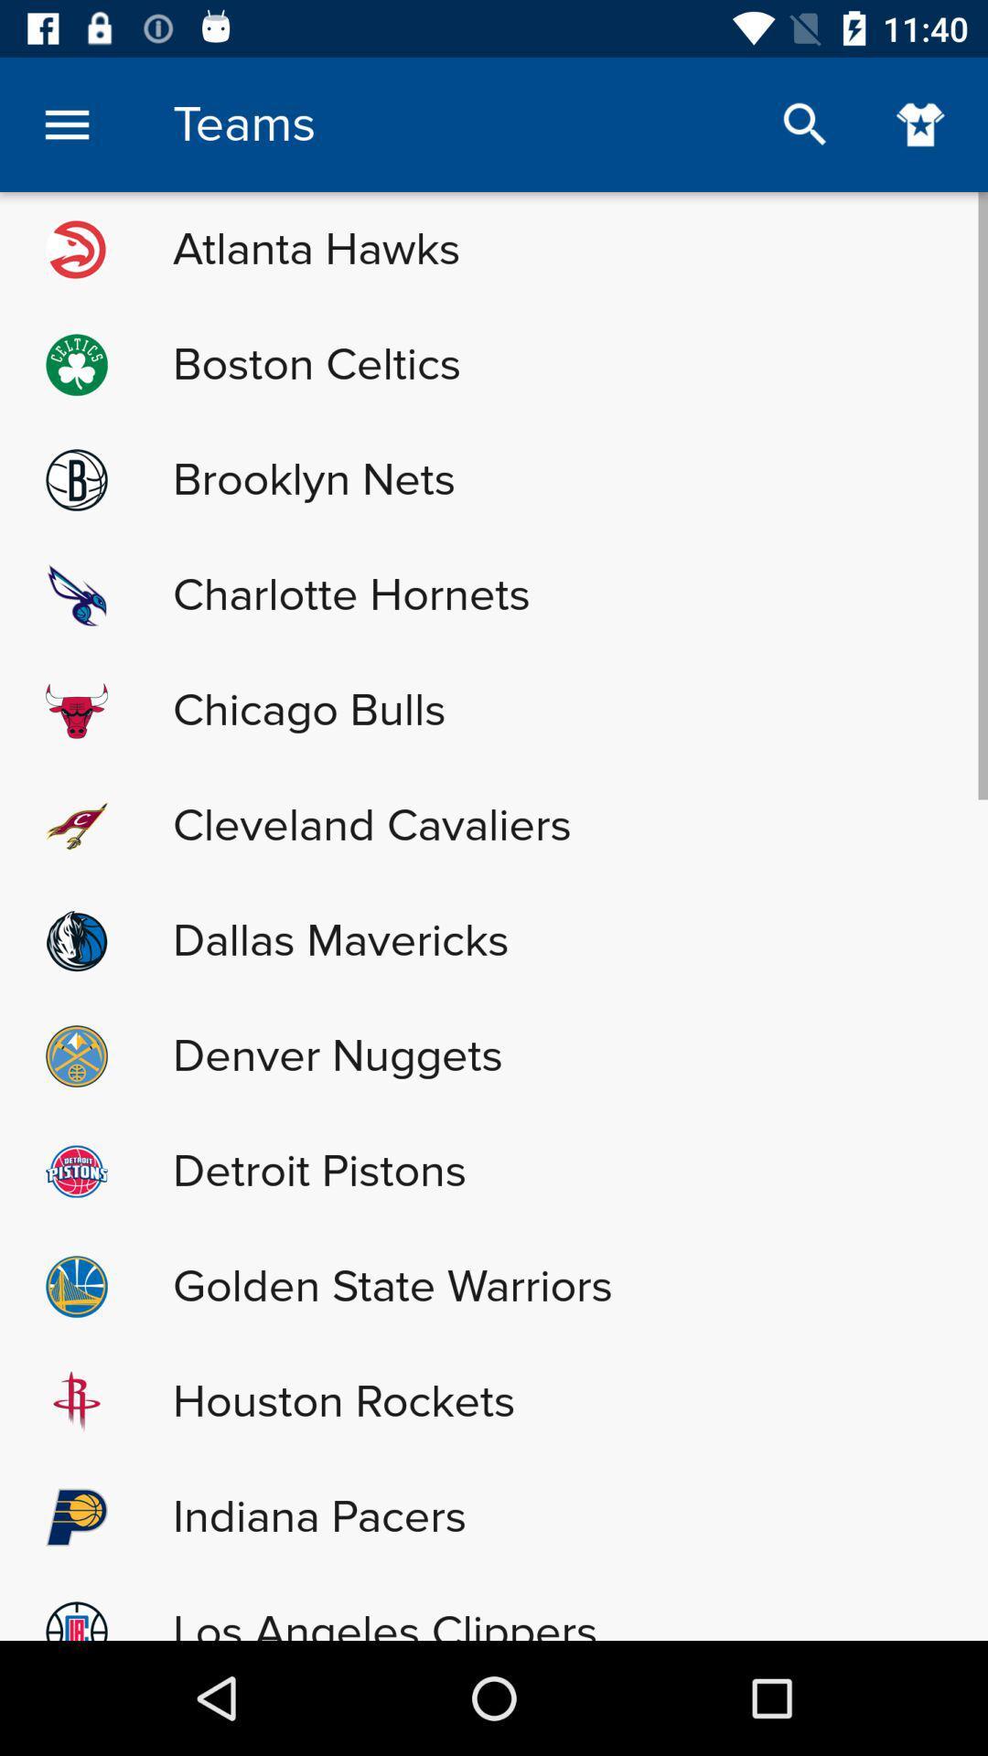  What do you see at coordinates (804, 123) in the screenshot?
I see `search teams` at bounding box center [804, 123].